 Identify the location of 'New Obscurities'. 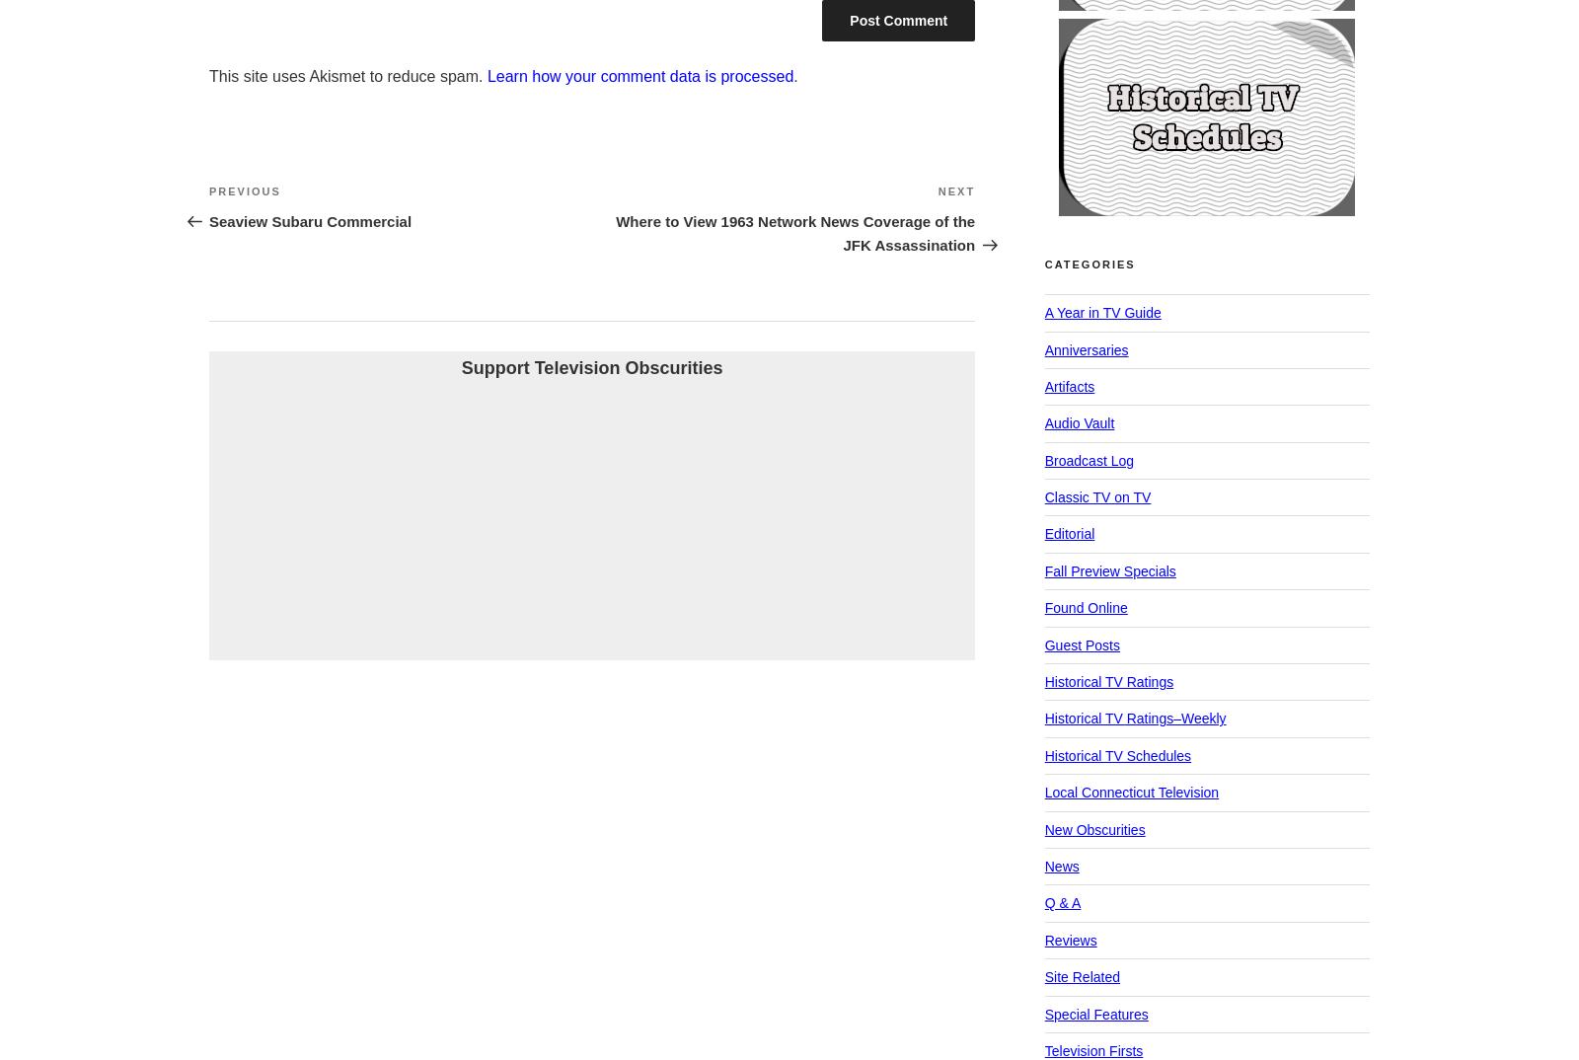
(1093, 828).